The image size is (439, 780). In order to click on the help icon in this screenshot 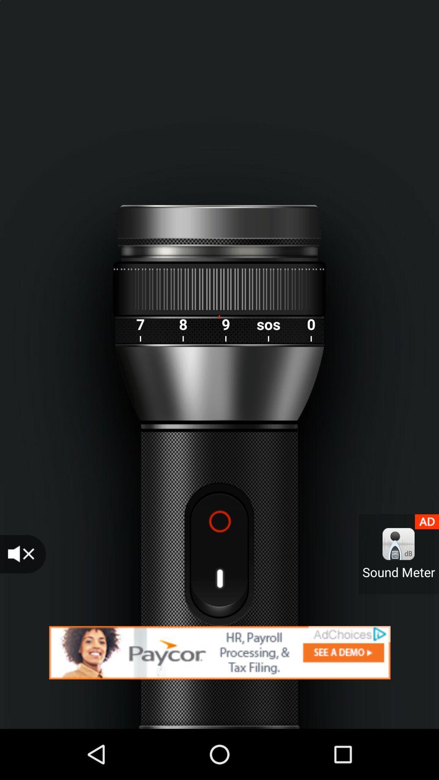, I will do `click(219, 554)`.